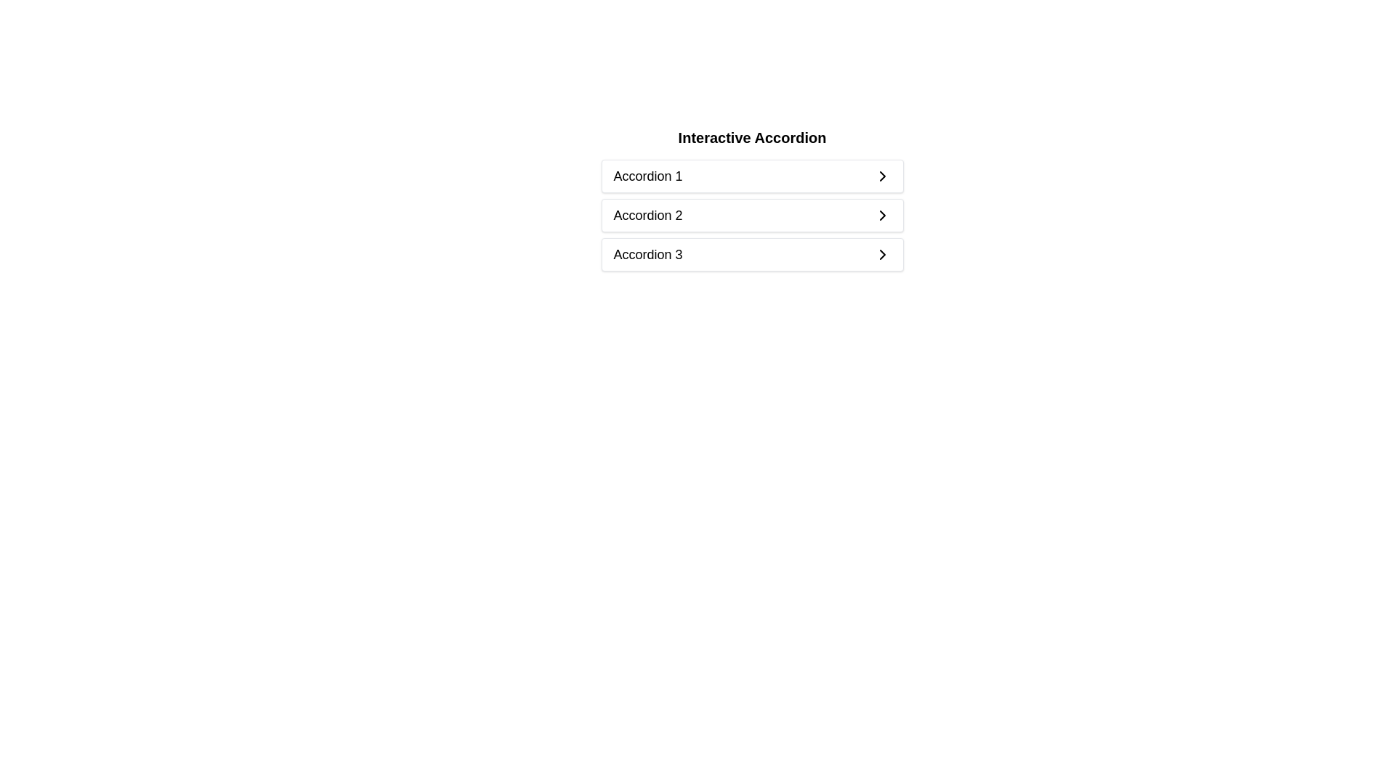 Image resolution: width=1395 pixels, height=784 pixels. I want to click on the static text label reading 'Accordion 1', which is positioned towards the left in the accordion interface, so click(647, 176).